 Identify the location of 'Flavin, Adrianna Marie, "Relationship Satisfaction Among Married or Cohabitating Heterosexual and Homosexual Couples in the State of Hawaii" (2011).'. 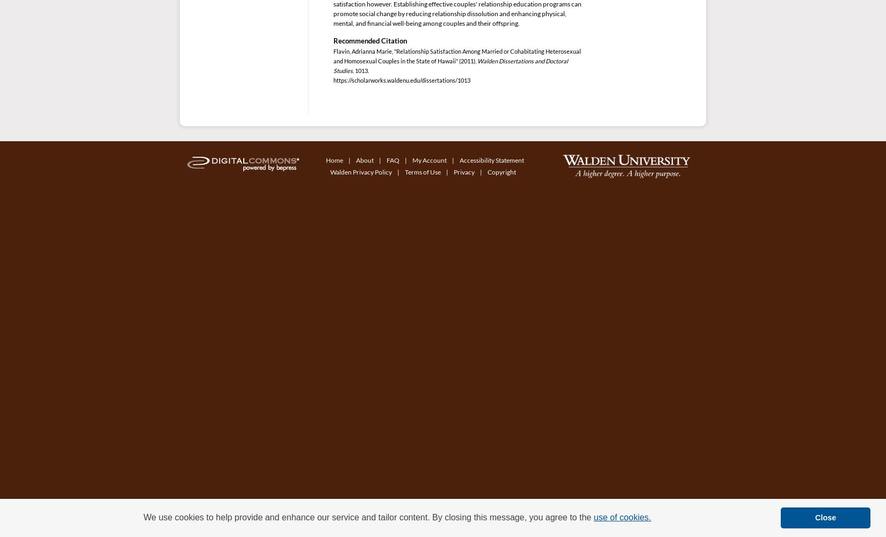
(333, 55).